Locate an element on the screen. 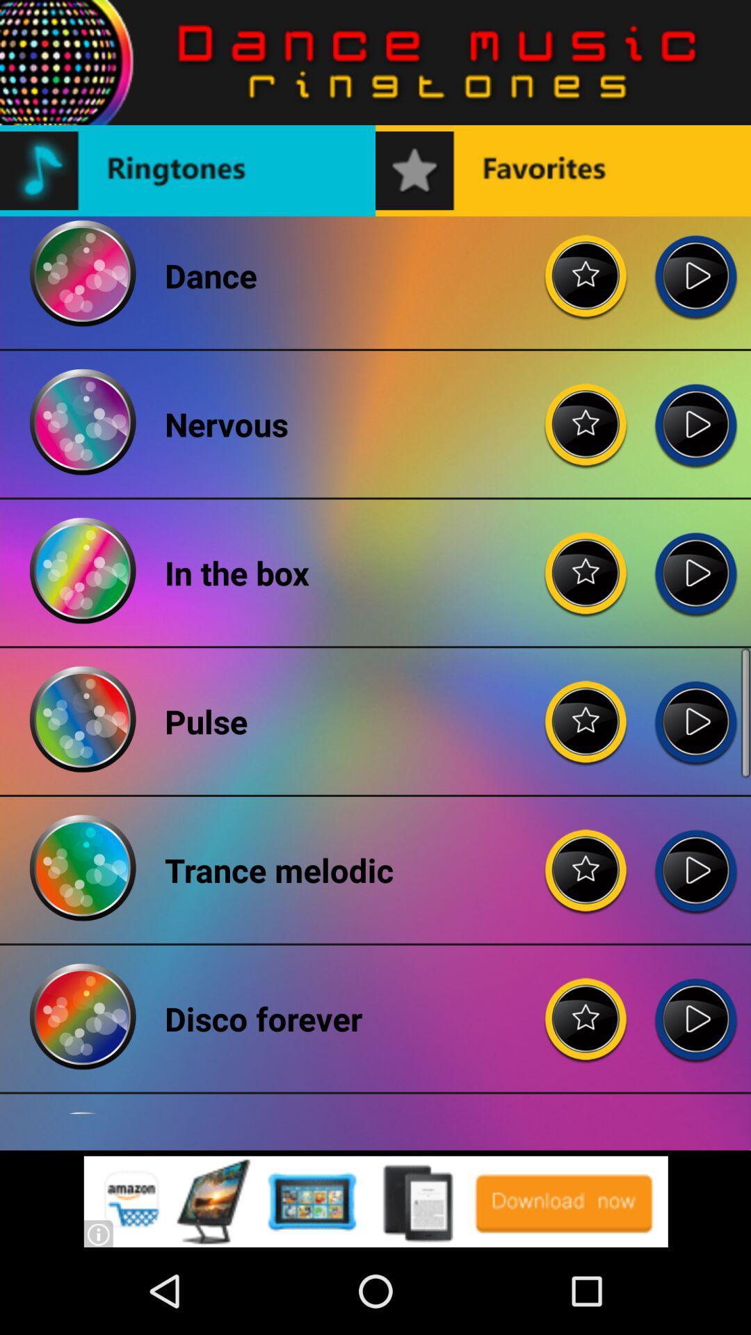  for advertisement is located at coordinates (375, 1201).